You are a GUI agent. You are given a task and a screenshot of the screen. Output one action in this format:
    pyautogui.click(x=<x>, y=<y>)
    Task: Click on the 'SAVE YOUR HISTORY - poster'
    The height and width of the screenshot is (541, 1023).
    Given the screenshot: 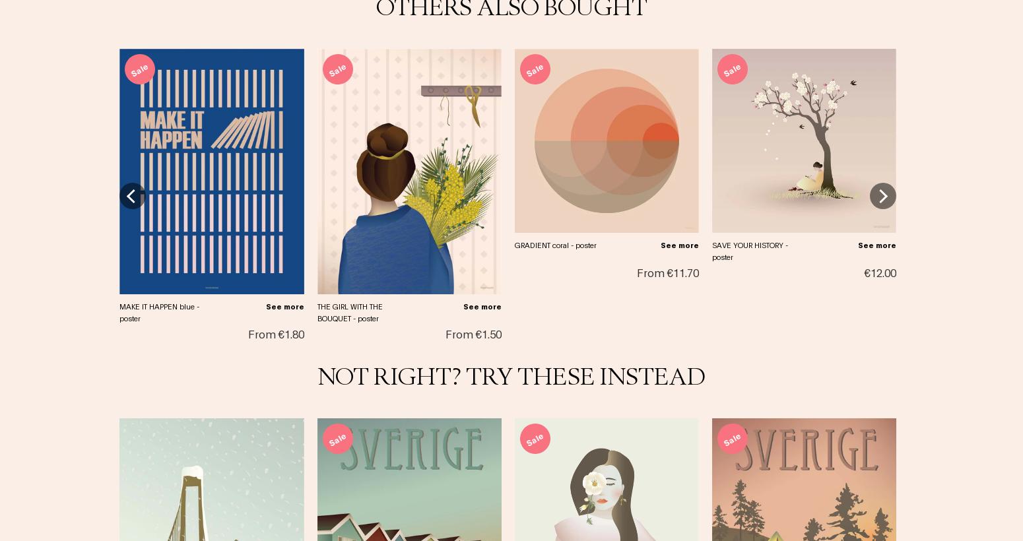 What is the action you would take?
    pyautogui.click(x=749, y=250)
    